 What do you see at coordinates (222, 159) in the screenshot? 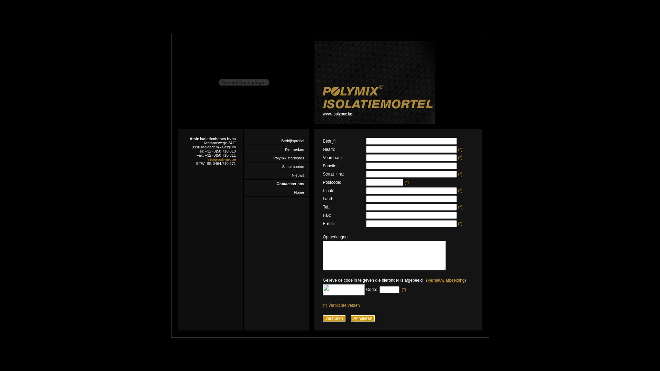
I see `'info@polymix.be'` at bounding box center [222, 159].